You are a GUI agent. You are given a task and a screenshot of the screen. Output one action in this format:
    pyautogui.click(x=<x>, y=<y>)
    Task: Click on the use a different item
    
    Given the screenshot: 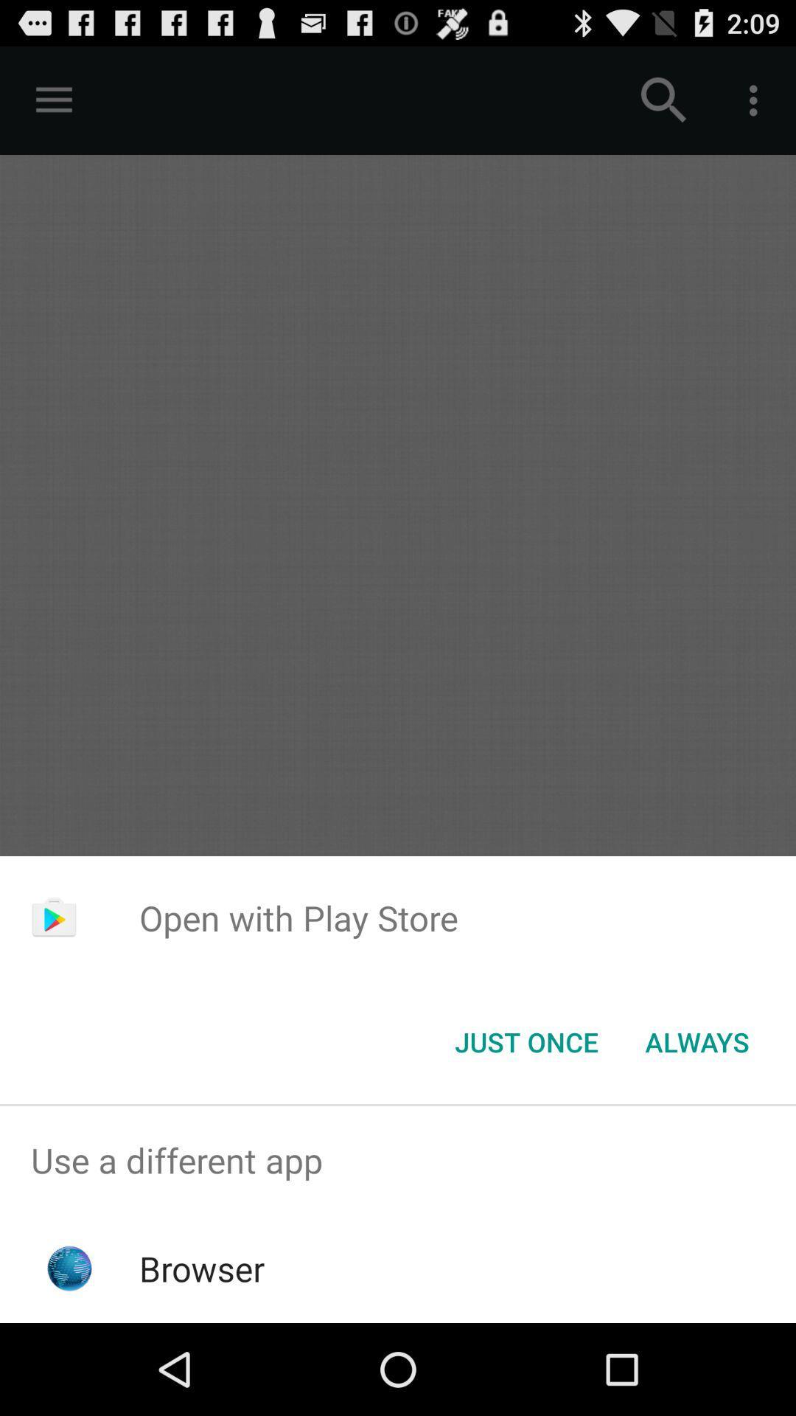 What is the action you would take?
    pyautogui.click(x=398, y=1159)
    